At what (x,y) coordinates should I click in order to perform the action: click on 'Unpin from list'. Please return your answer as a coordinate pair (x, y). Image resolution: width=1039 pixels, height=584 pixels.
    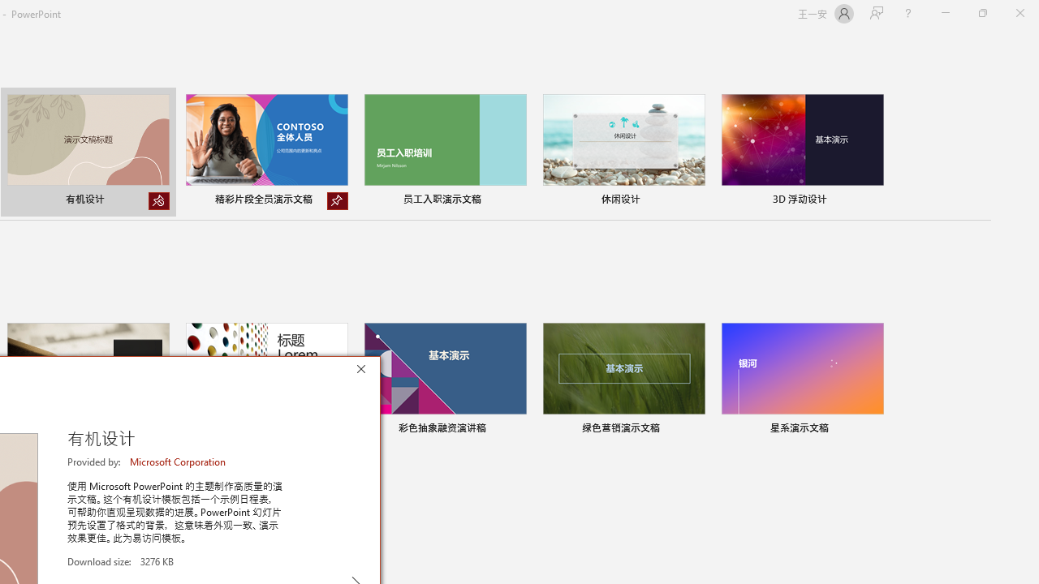
    Looking at the image, I should click on (337, 200).